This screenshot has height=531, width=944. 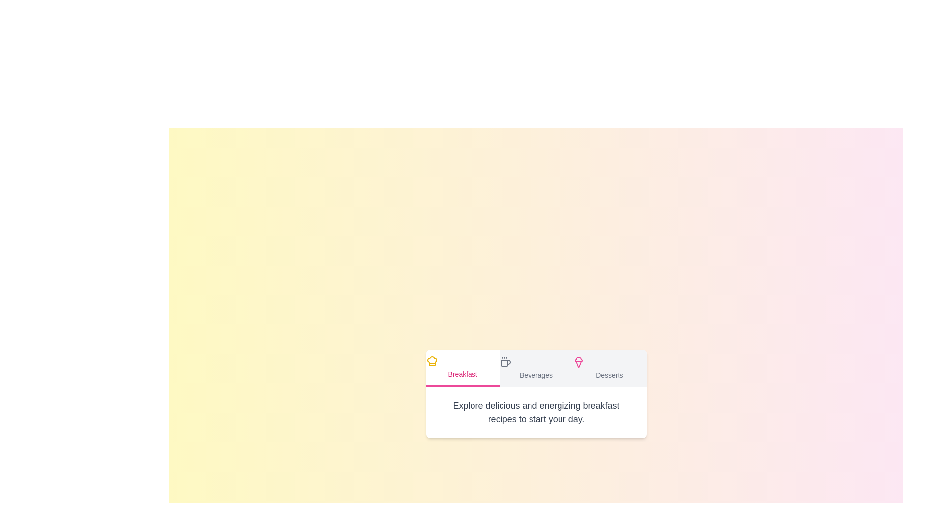 I want to click on the Beverages tab, so click(x=535, y=368).